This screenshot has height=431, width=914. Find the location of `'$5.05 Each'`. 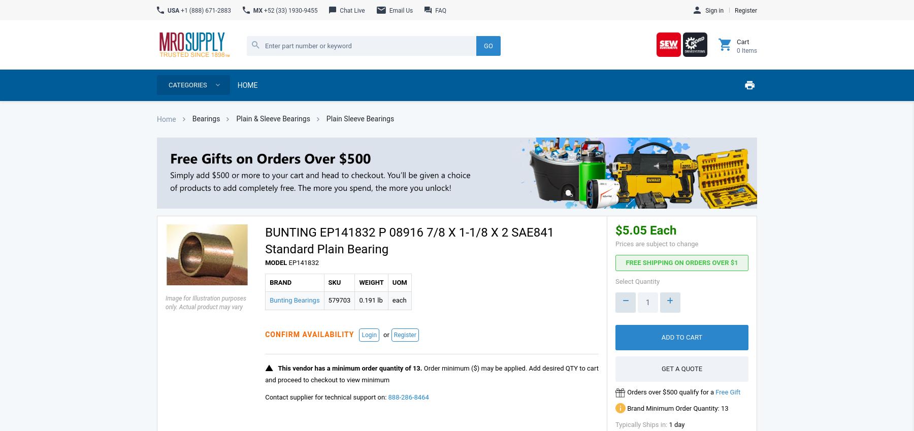

'$5.05 Each' is located at coordinates (646, 230).